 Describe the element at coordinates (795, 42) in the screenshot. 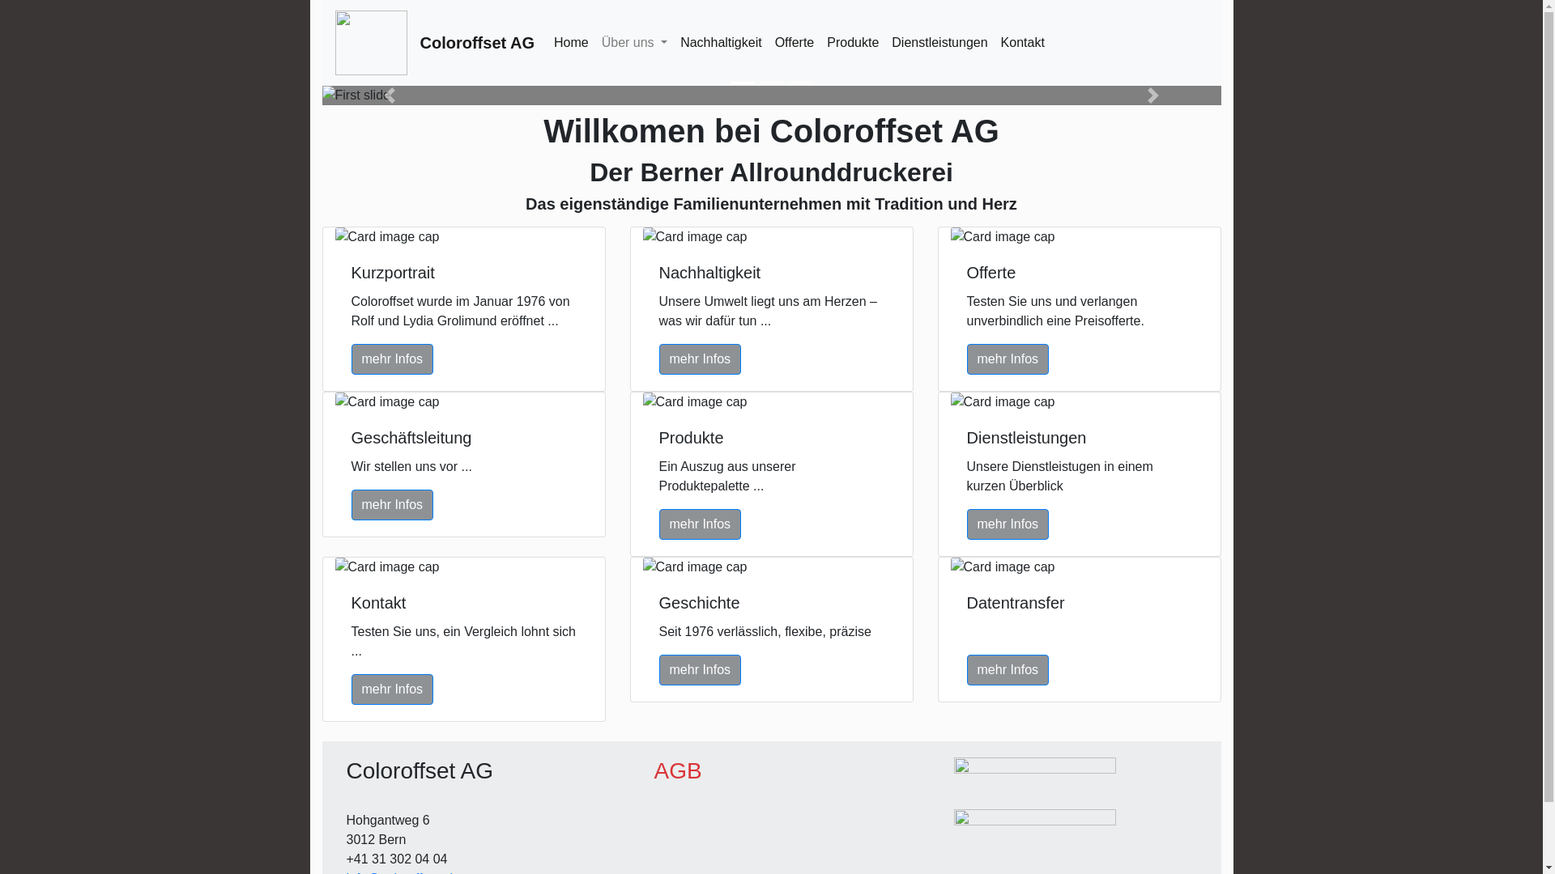

I see `'Offerte` at that location.